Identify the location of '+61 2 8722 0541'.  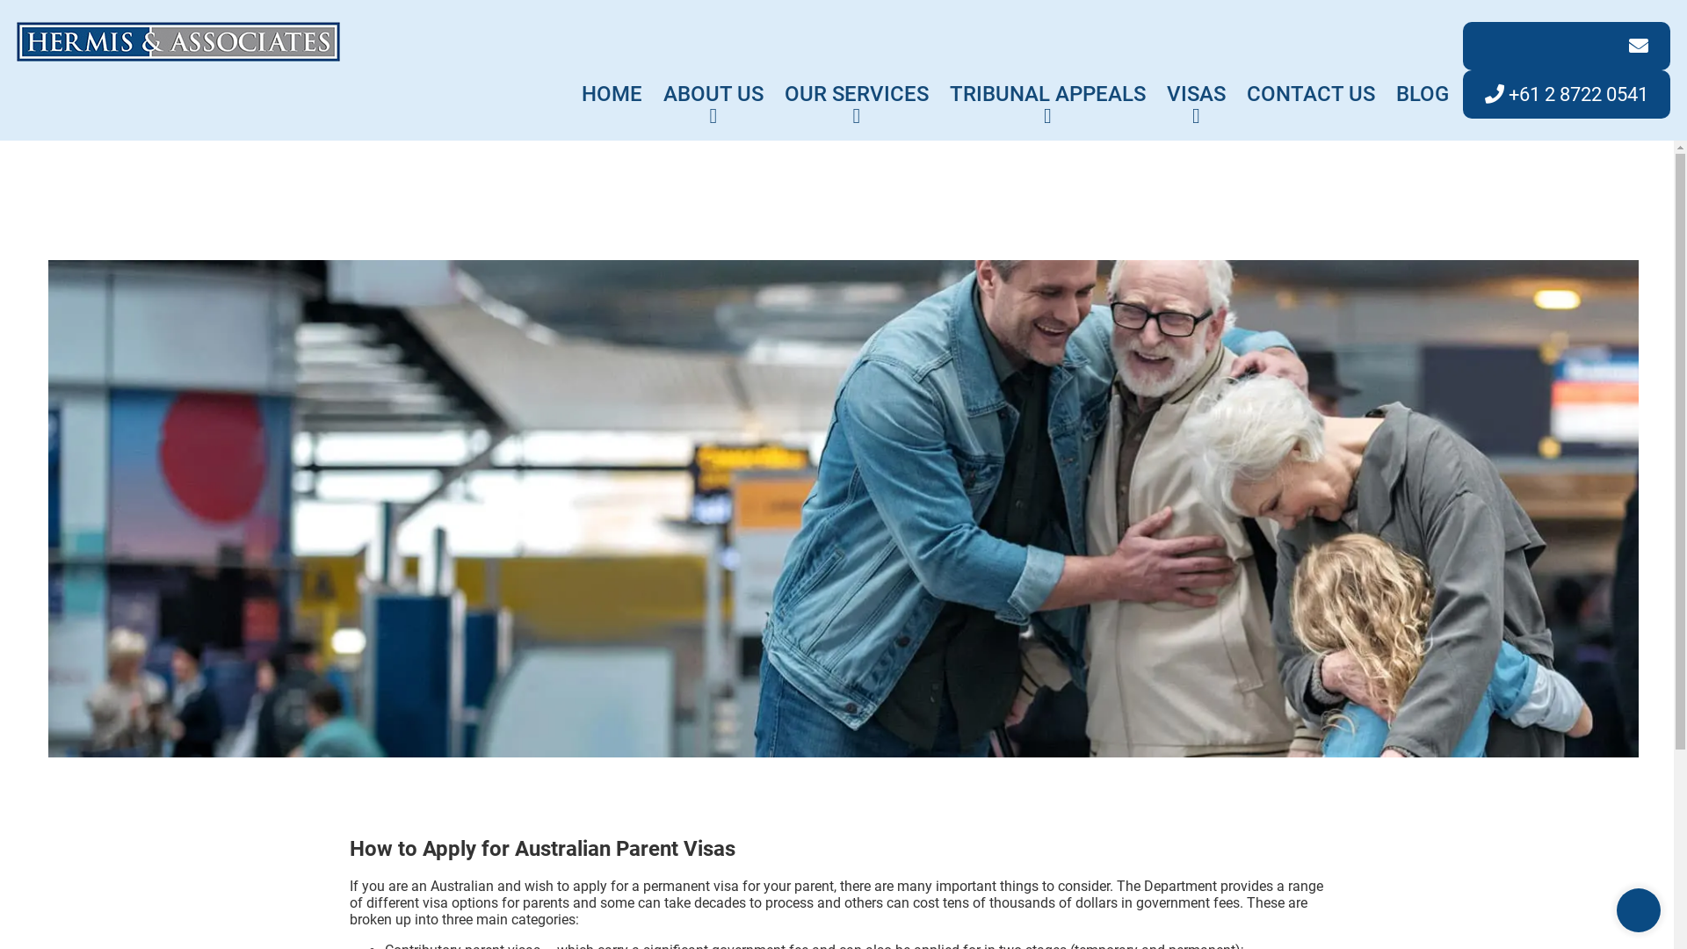
(1566, 94).